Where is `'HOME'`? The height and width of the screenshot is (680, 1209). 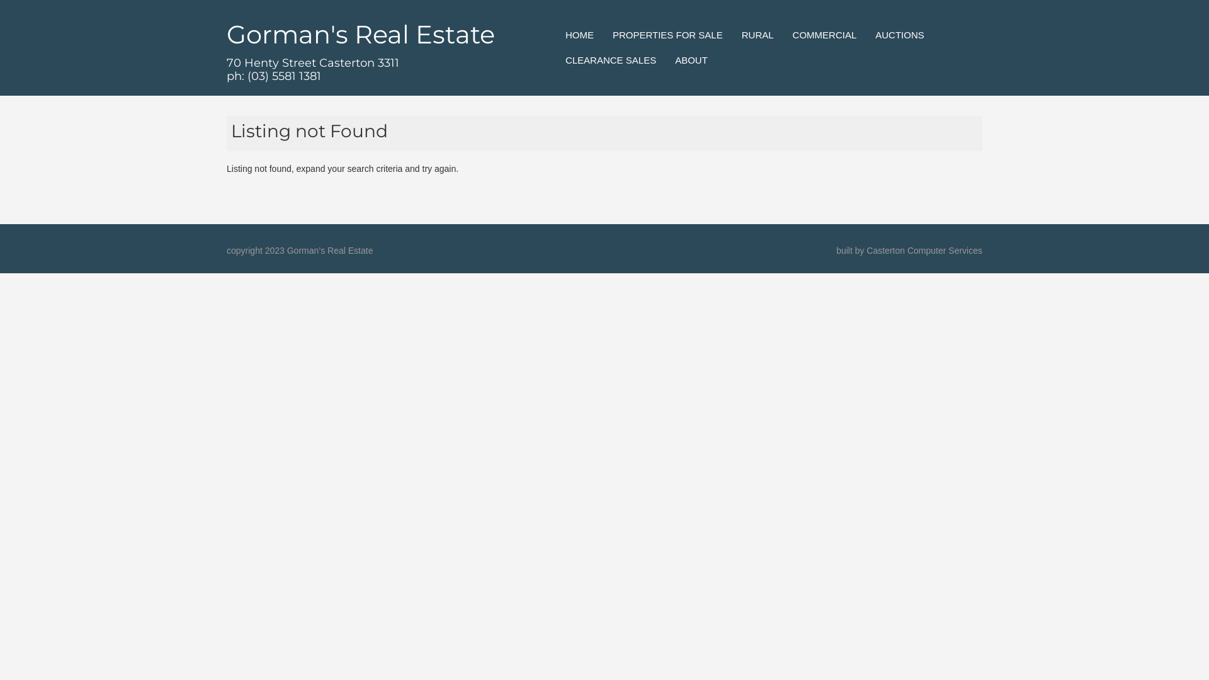 'HOME' is located at coordinates (579, 35).